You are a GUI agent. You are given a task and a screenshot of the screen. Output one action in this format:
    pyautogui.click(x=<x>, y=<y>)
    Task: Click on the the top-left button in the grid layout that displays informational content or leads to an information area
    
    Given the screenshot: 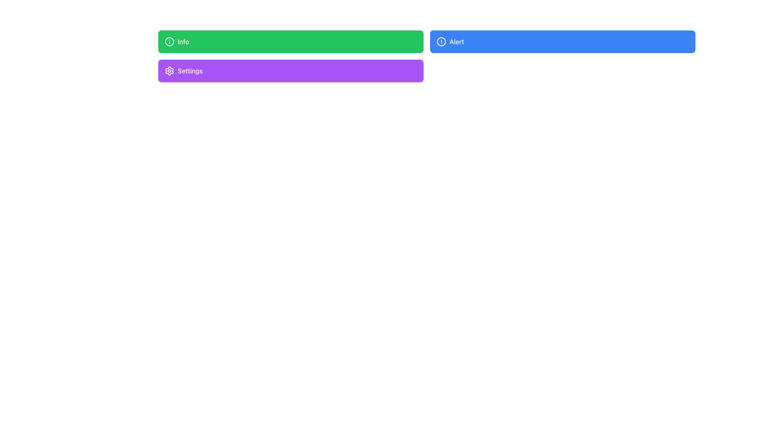 What is the action you would take?
    pyautogui.click(x=291, y=42)
    